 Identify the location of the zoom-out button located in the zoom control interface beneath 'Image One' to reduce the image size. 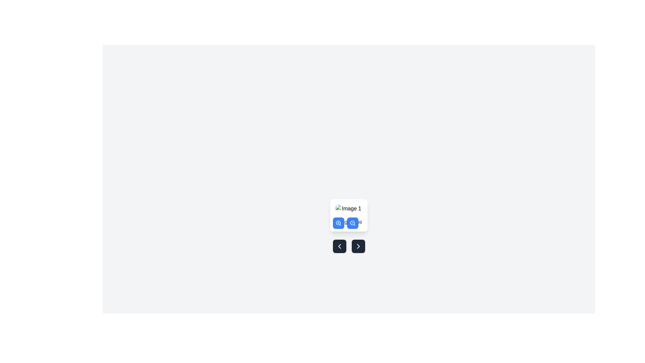
(345, 223).